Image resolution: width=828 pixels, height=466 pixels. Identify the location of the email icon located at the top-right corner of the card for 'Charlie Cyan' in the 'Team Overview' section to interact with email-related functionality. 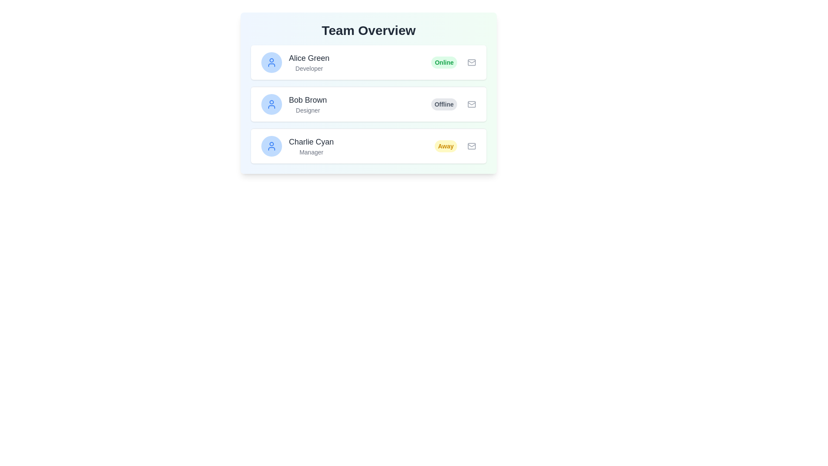
(471, 146).